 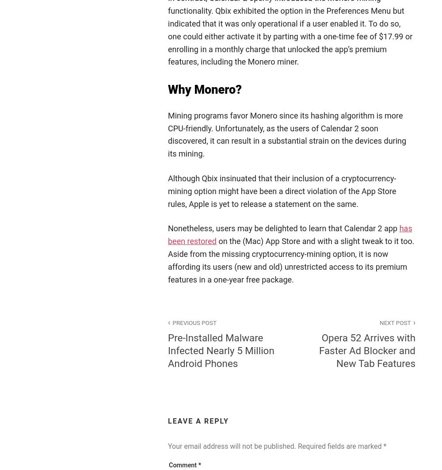 I want to click on 'Why Monero?', so click(x=204, y=90).